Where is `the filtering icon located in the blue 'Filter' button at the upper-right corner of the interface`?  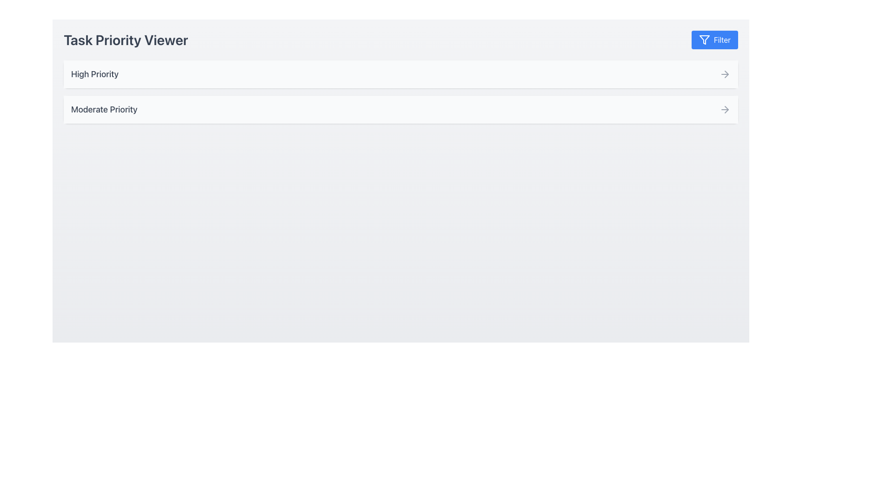 the filtering icon located in the blue 'Filter' button at the upper-right corner of the interface is located at coordinates (704, 39).